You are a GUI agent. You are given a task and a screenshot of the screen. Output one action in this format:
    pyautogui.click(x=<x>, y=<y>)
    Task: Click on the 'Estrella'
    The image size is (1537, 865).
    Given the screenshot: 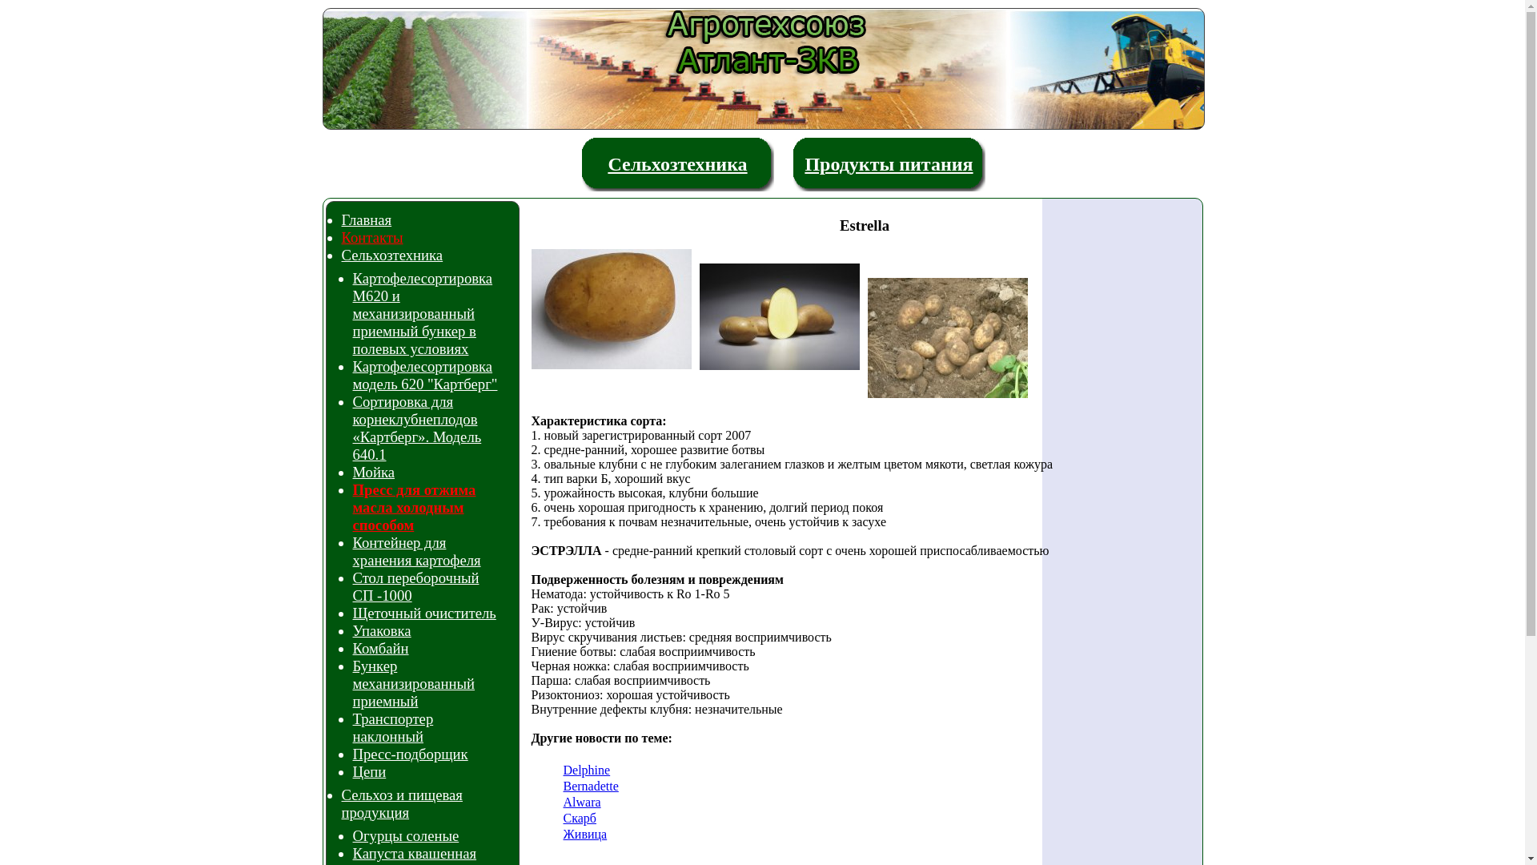 What is the action you would take?
    pyautogui.click(x=952, y=341)
    